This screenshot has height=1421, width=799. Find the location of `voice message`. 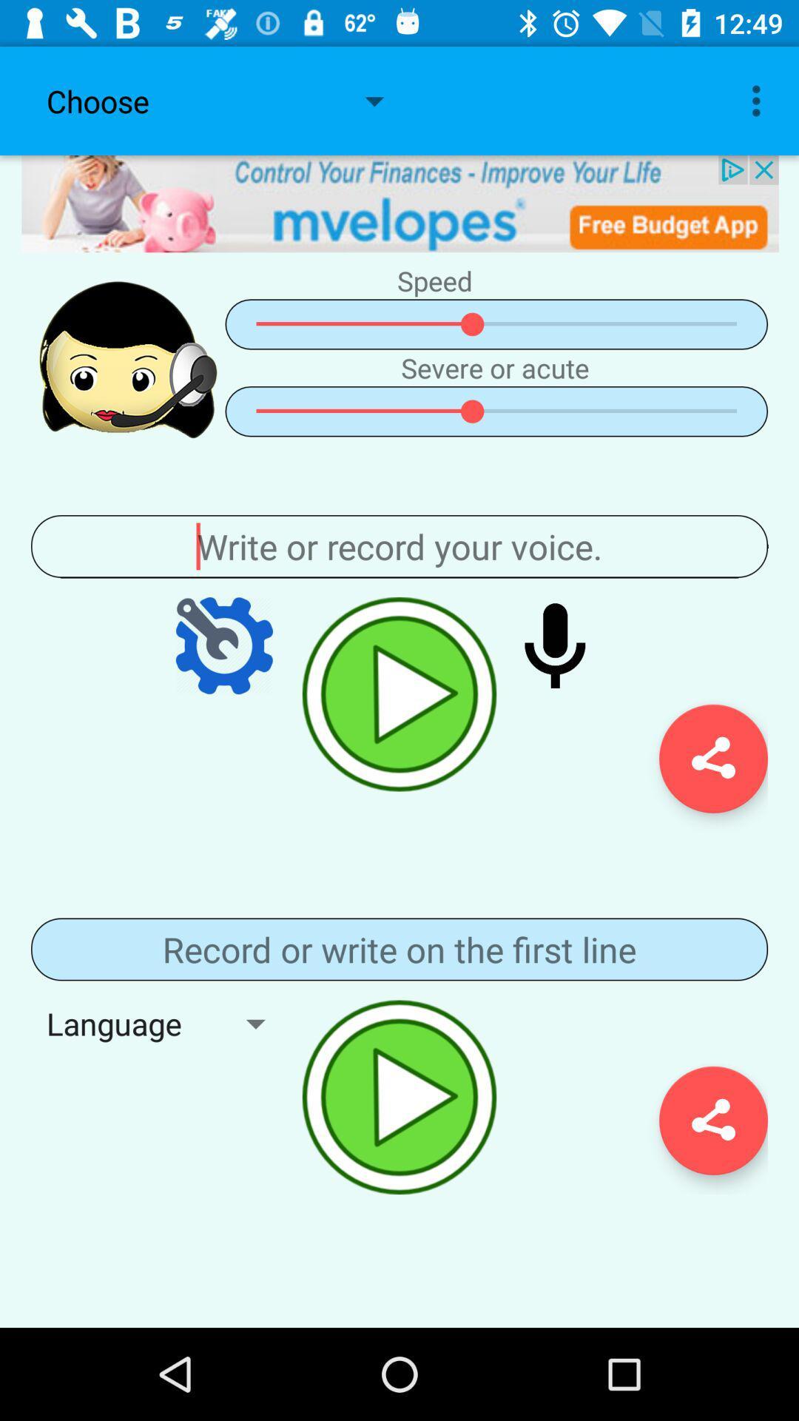

voice message is located at coordinates (555, 645).